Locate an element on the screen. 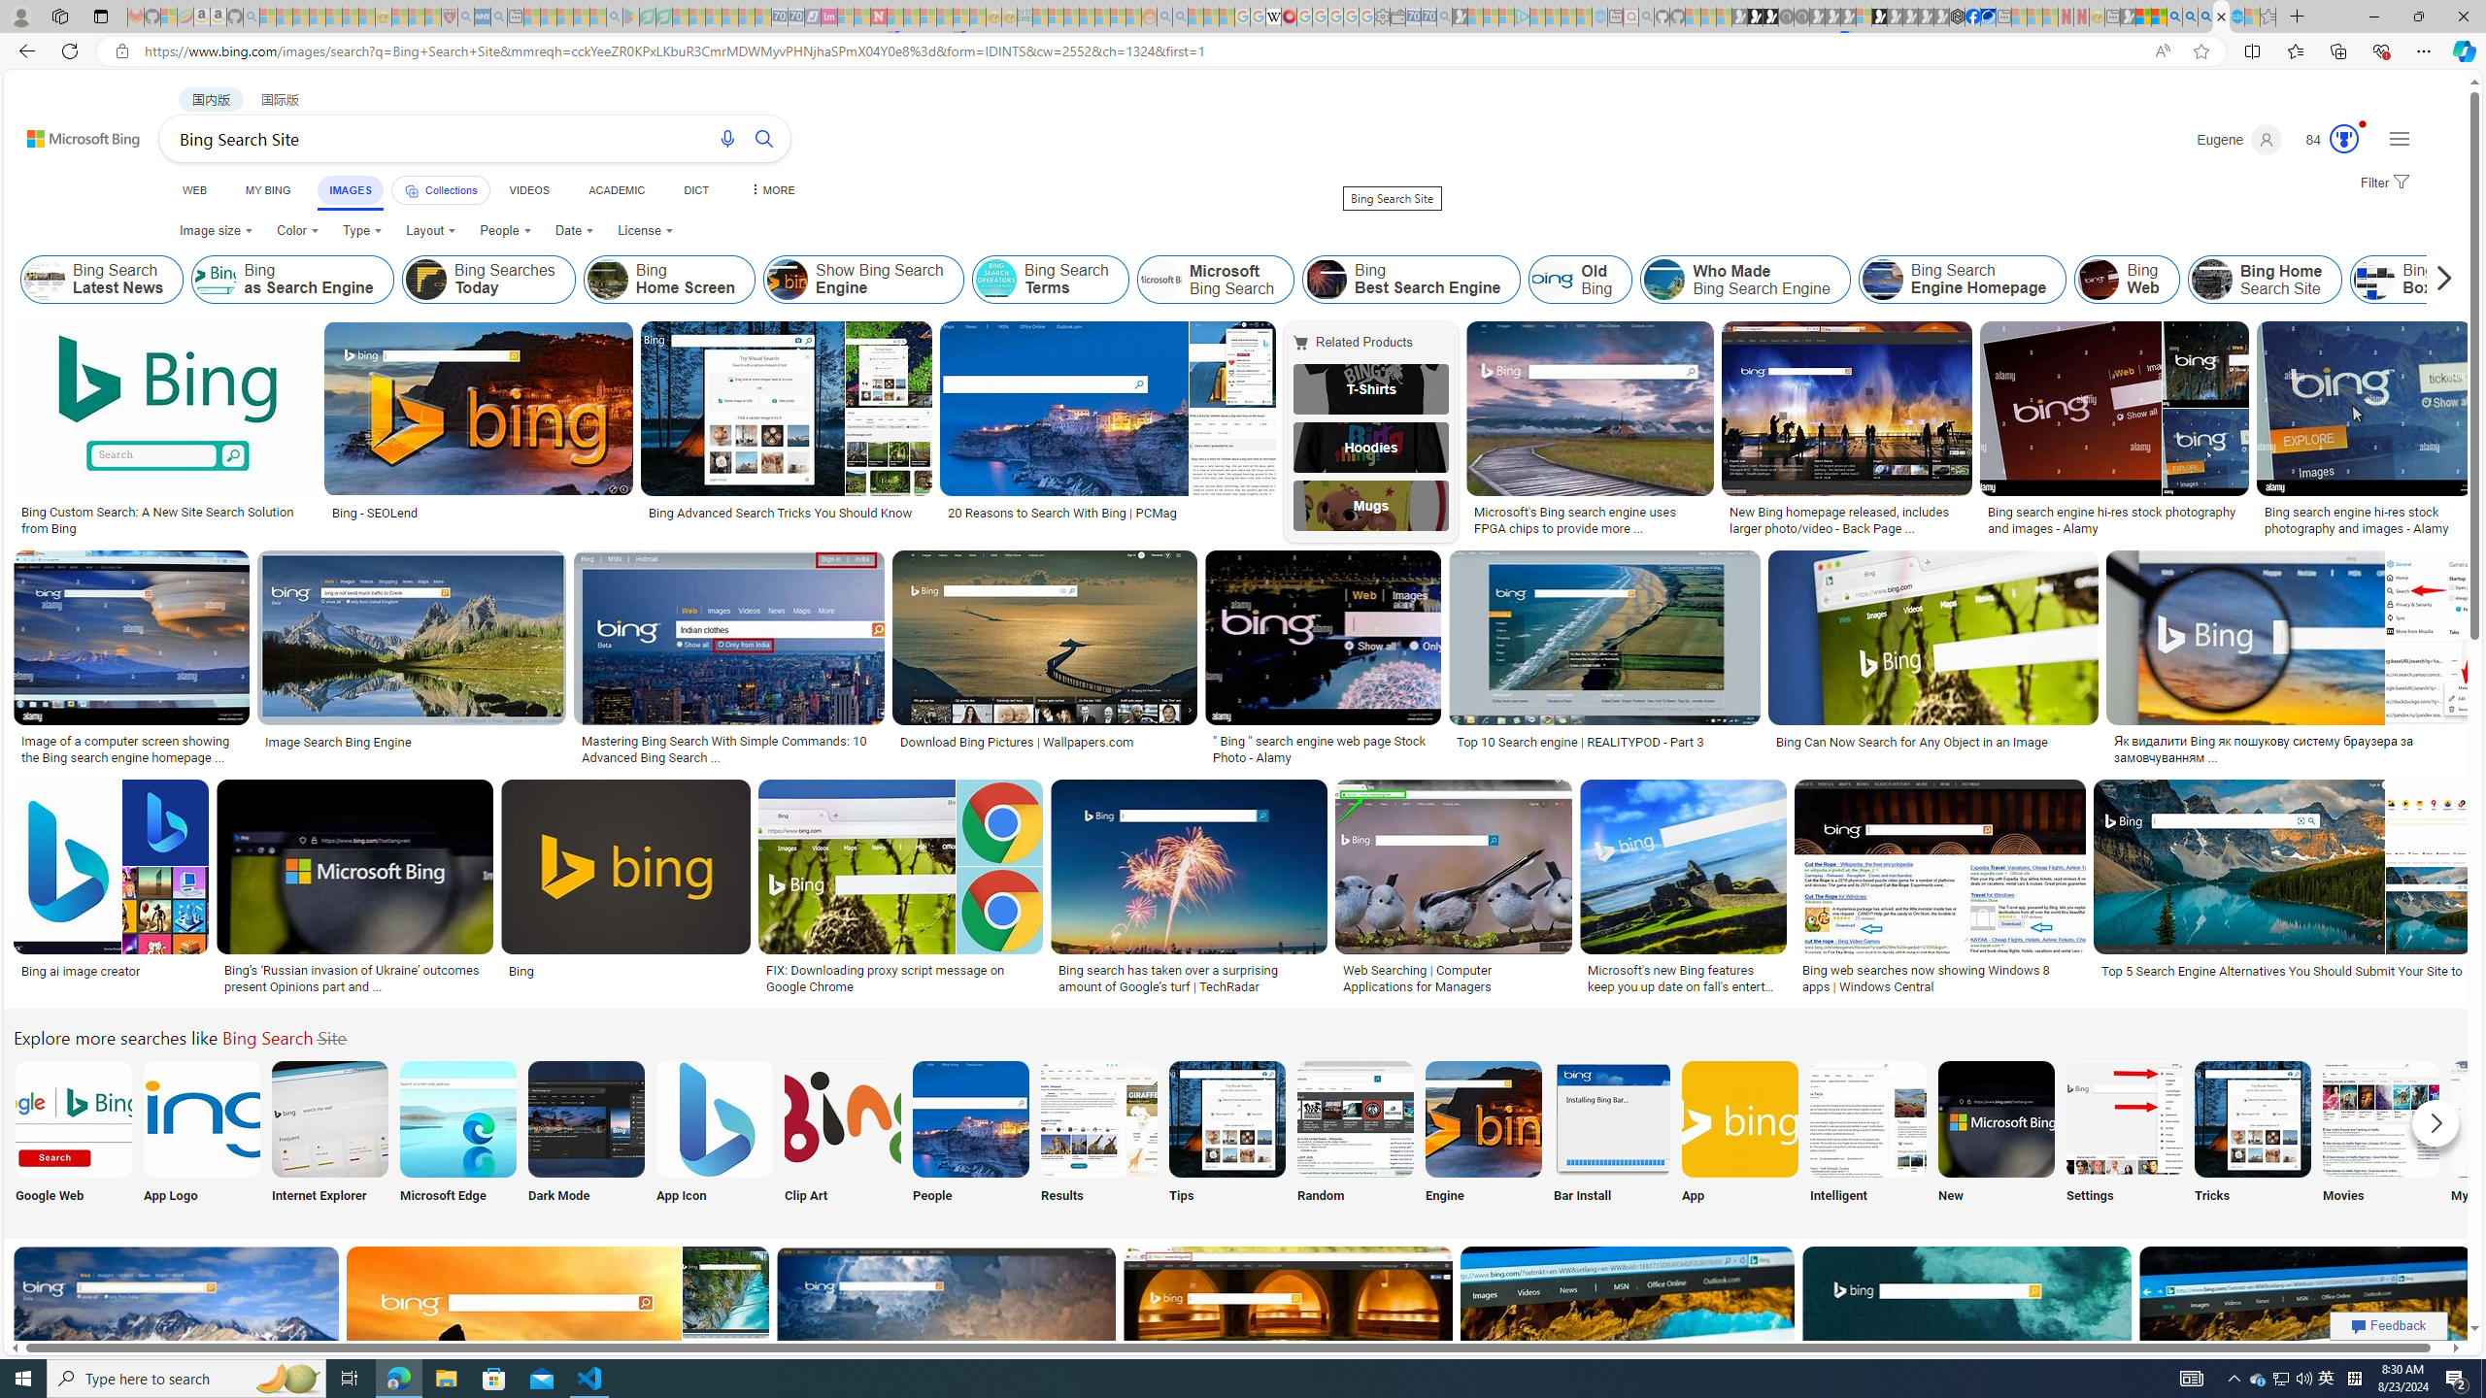  'Bing Custom Search: A New Site Search Solution from Bing' is located at coordinates (165, 519).